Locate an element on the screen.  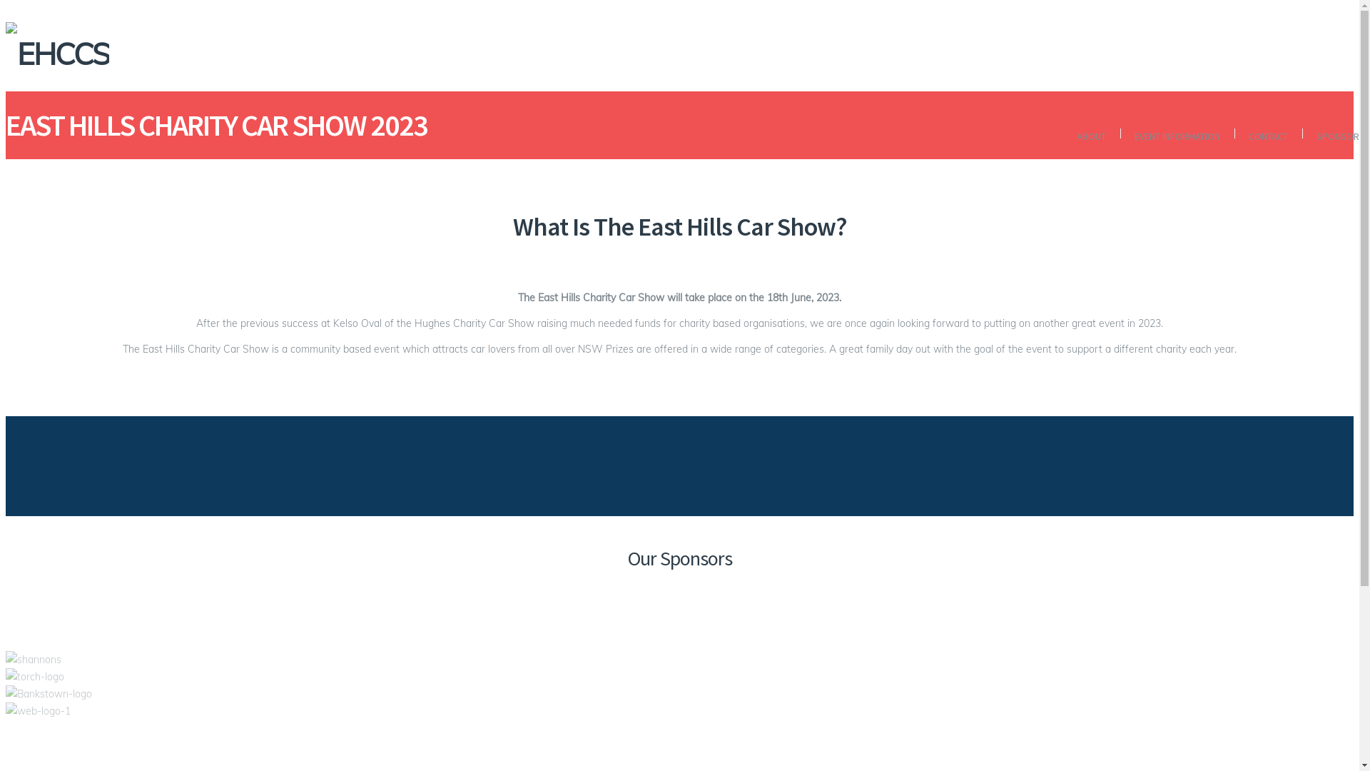
'ABOUT' is located at coordinates (1090, 136).